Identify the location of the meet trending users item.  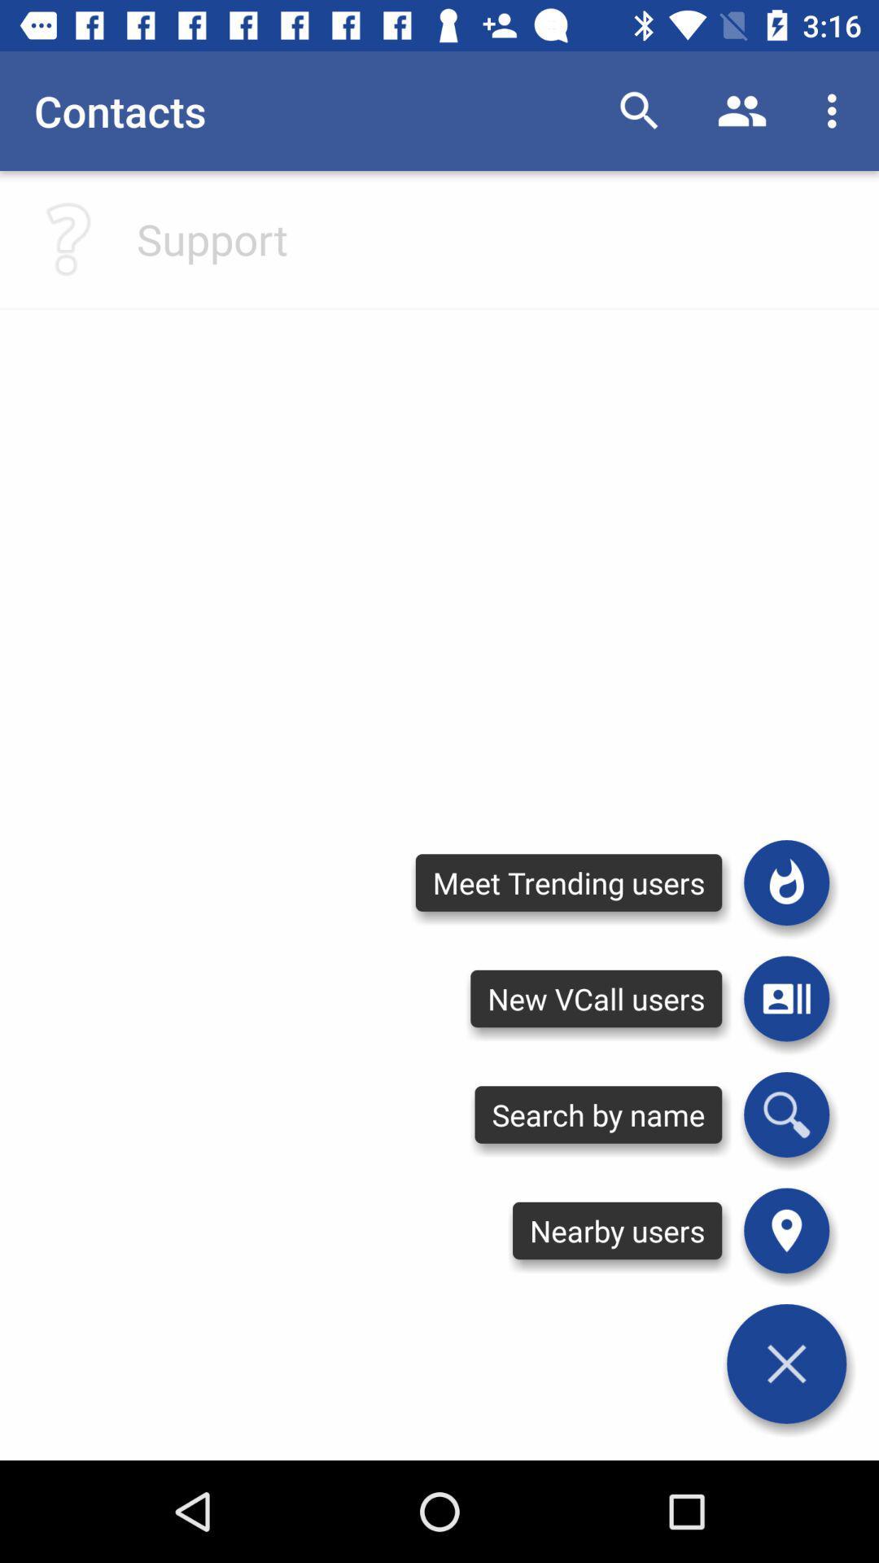
(567, 882).